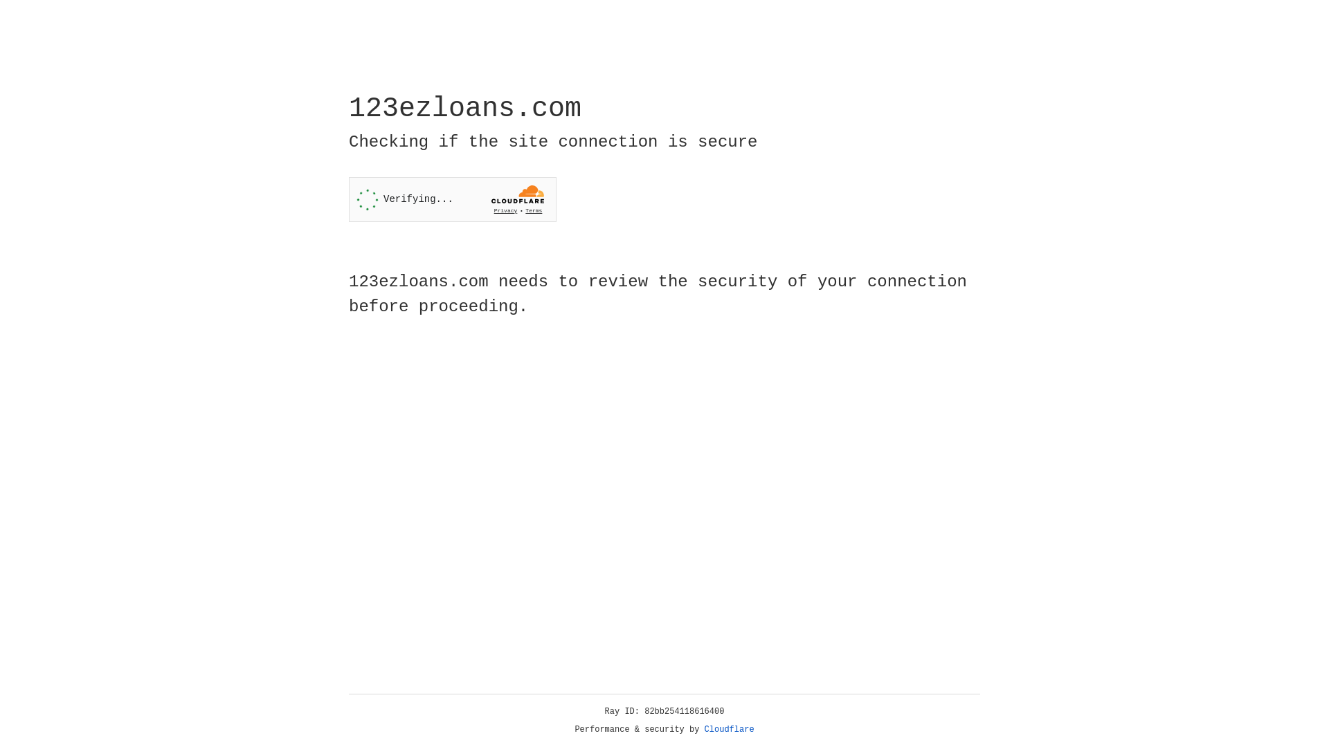 This screenshot has width=1329, height=747. I want to click on 'Widget containing a Cloudflare security challenge', so click(452, 199).